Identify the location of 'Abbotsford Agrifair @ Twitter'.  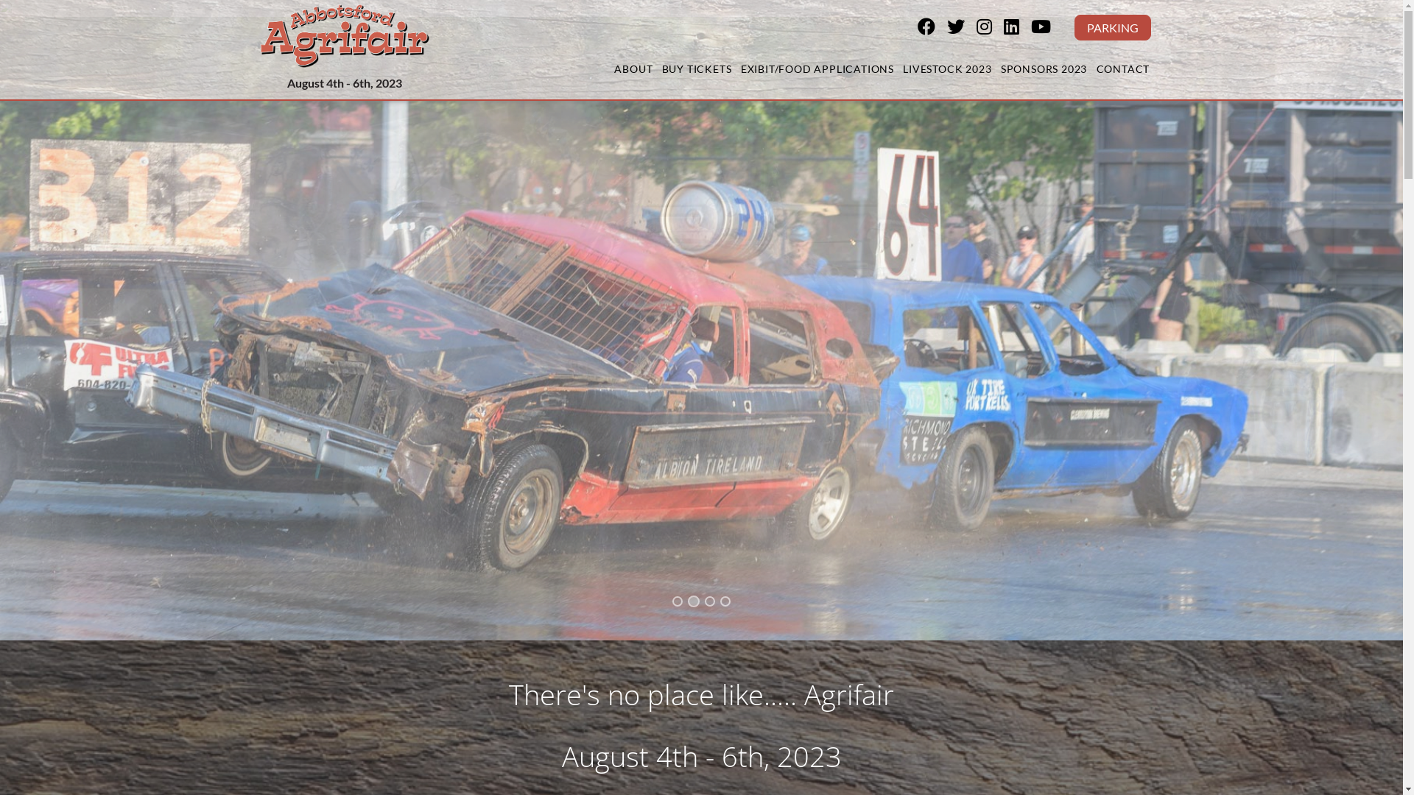
(961, 28).